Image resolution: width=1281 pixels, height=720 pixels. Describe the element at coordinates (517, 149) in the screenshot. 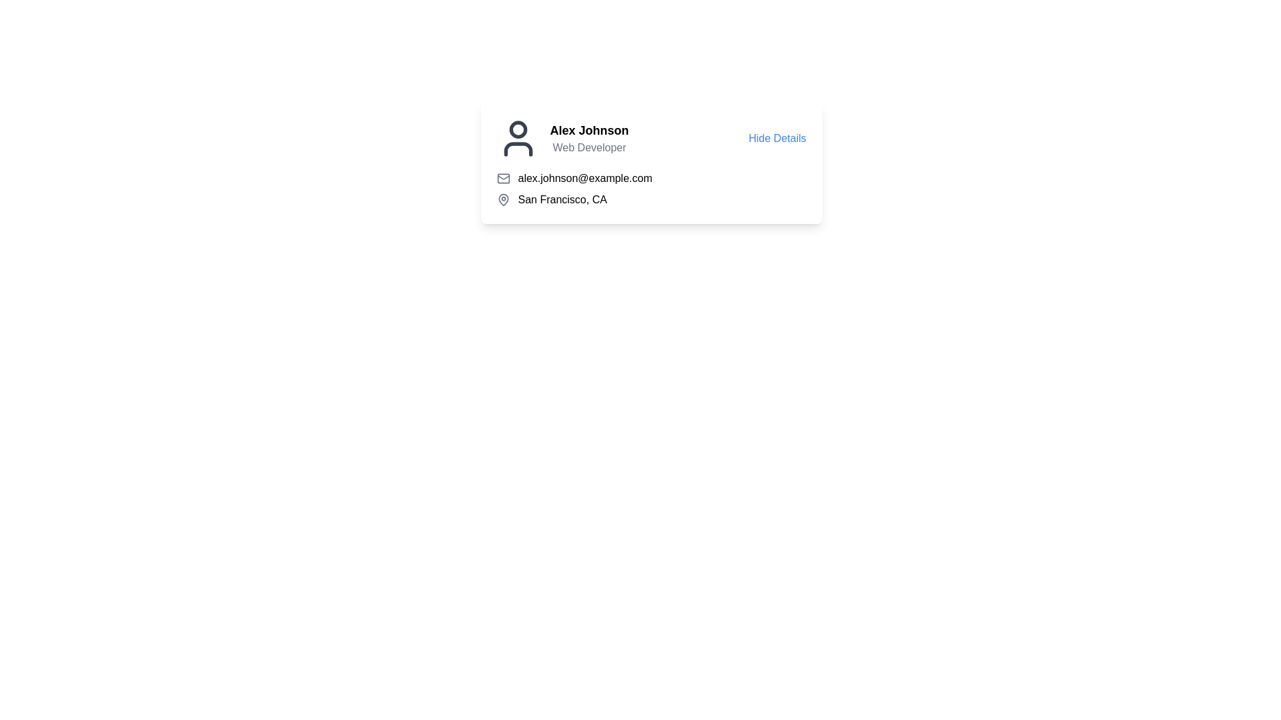

I see `the bottom segment of the user profile icon, which is a curved line located below the circular head portion of the icon` at that location.